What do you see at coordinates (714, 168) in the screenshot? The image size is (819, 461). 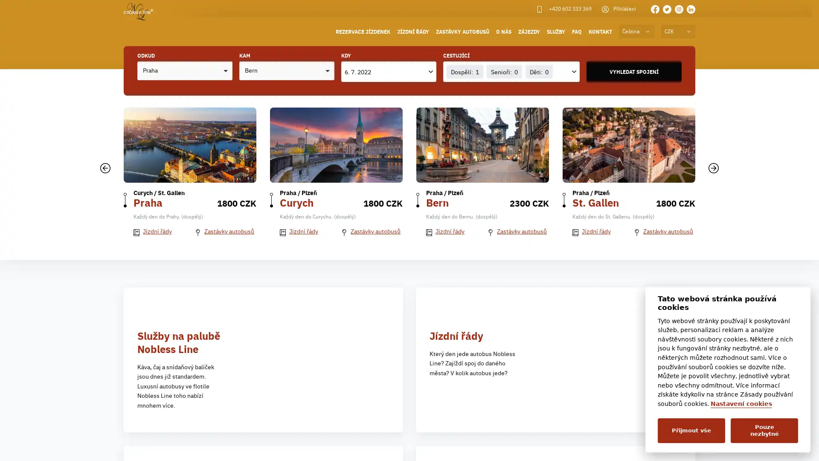 I see `Dalsi` at bounding box center [714, 168].